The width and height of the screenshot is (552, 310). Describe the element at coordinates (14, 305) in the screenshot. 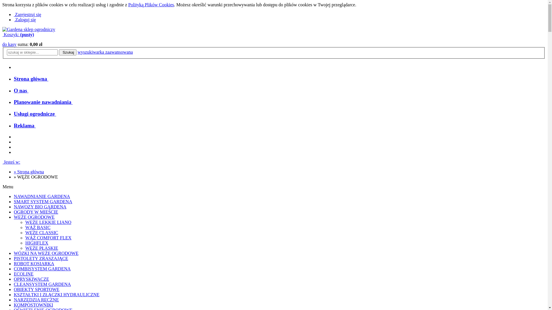

I see `'KOMPOSTOWNIKI'` at that location.